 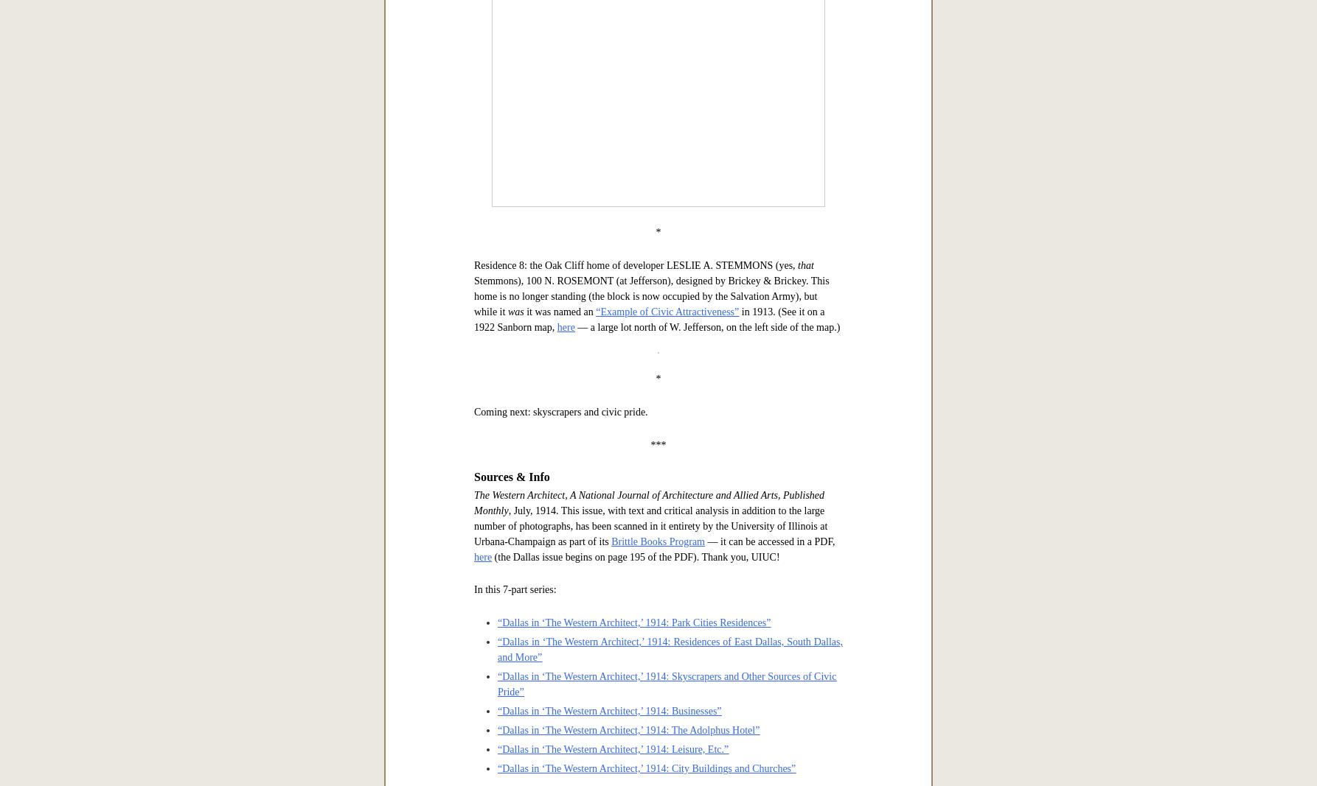 What do you see at coordinates (559, 773) in the screenshot?
I see `'it was named an'` at bounding box center [559, 773].